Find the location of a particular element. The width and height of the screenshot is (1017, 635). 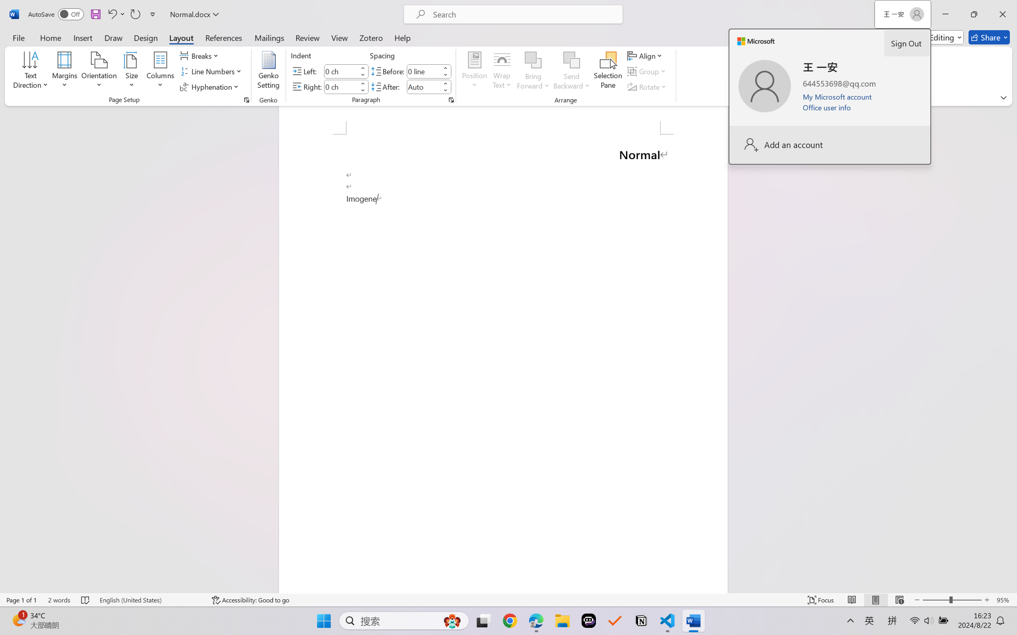

'Indent Left' is located at coordinates (340, 71).